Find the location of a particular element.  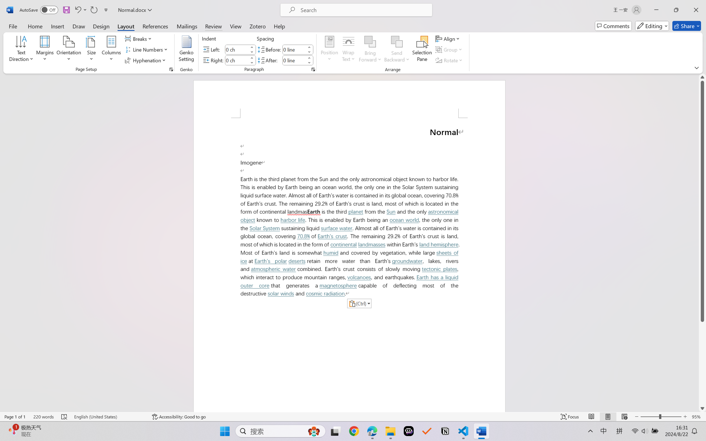

'Orientation' is located at coordinates (69, 50).